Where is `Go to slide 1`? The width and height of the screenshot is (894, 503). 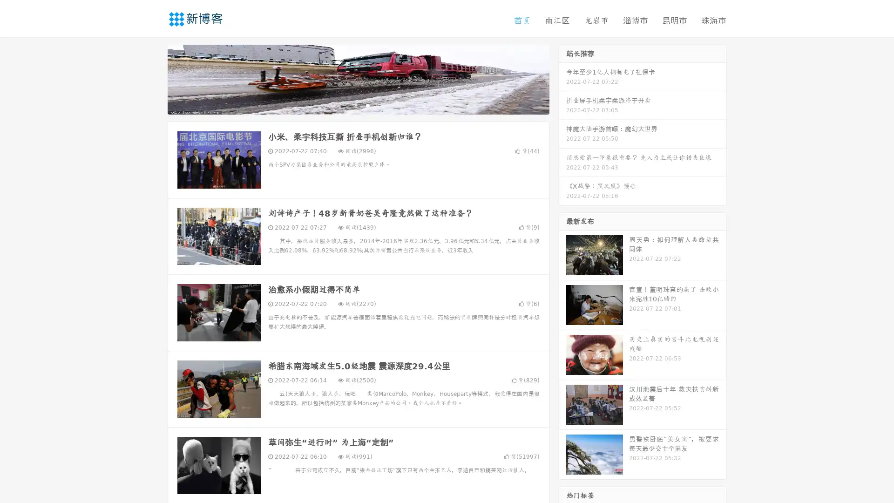 Go to slide 1 is located at coordinates (348, 105).